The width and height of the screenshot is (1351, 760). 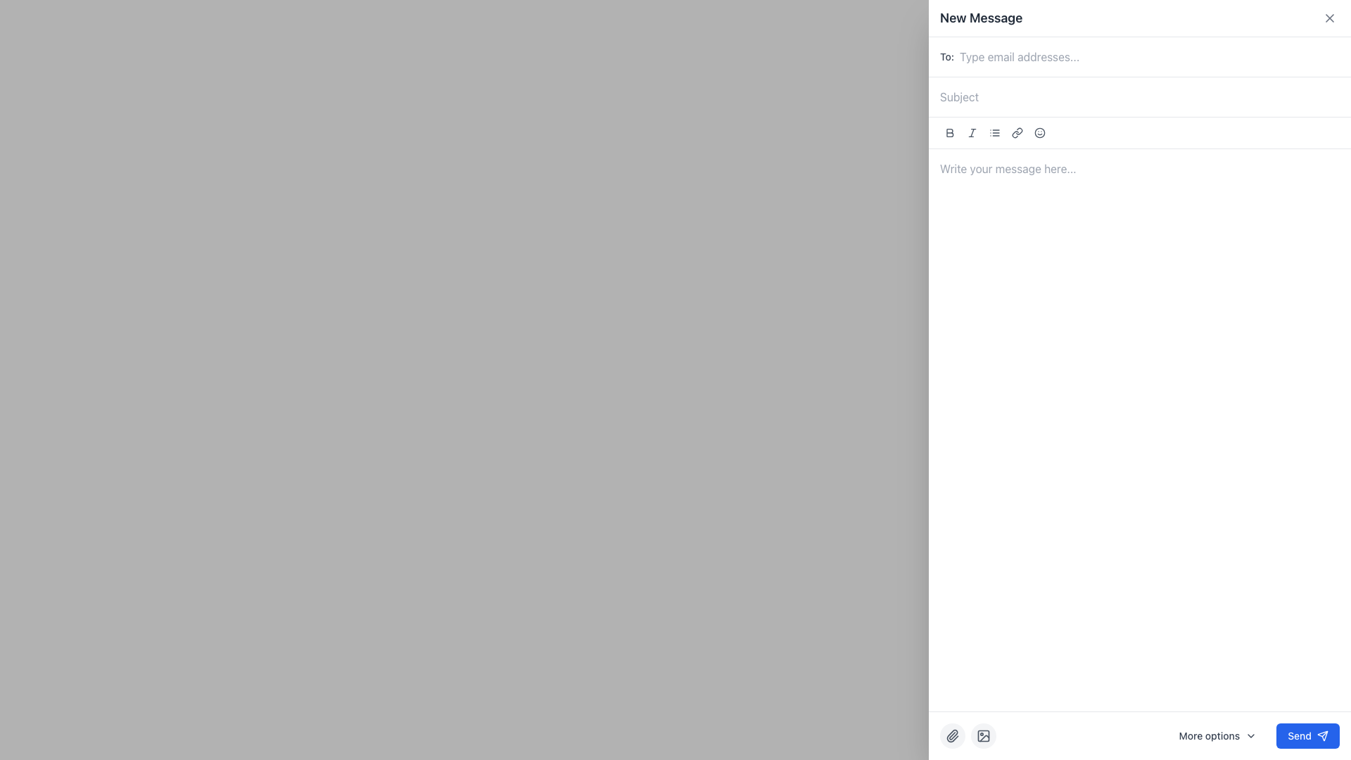 I want to click on the blue 'Send' button with white text and a paper plane icon located at the bottom-right corner of the interface, so click(x=1307, y=735).